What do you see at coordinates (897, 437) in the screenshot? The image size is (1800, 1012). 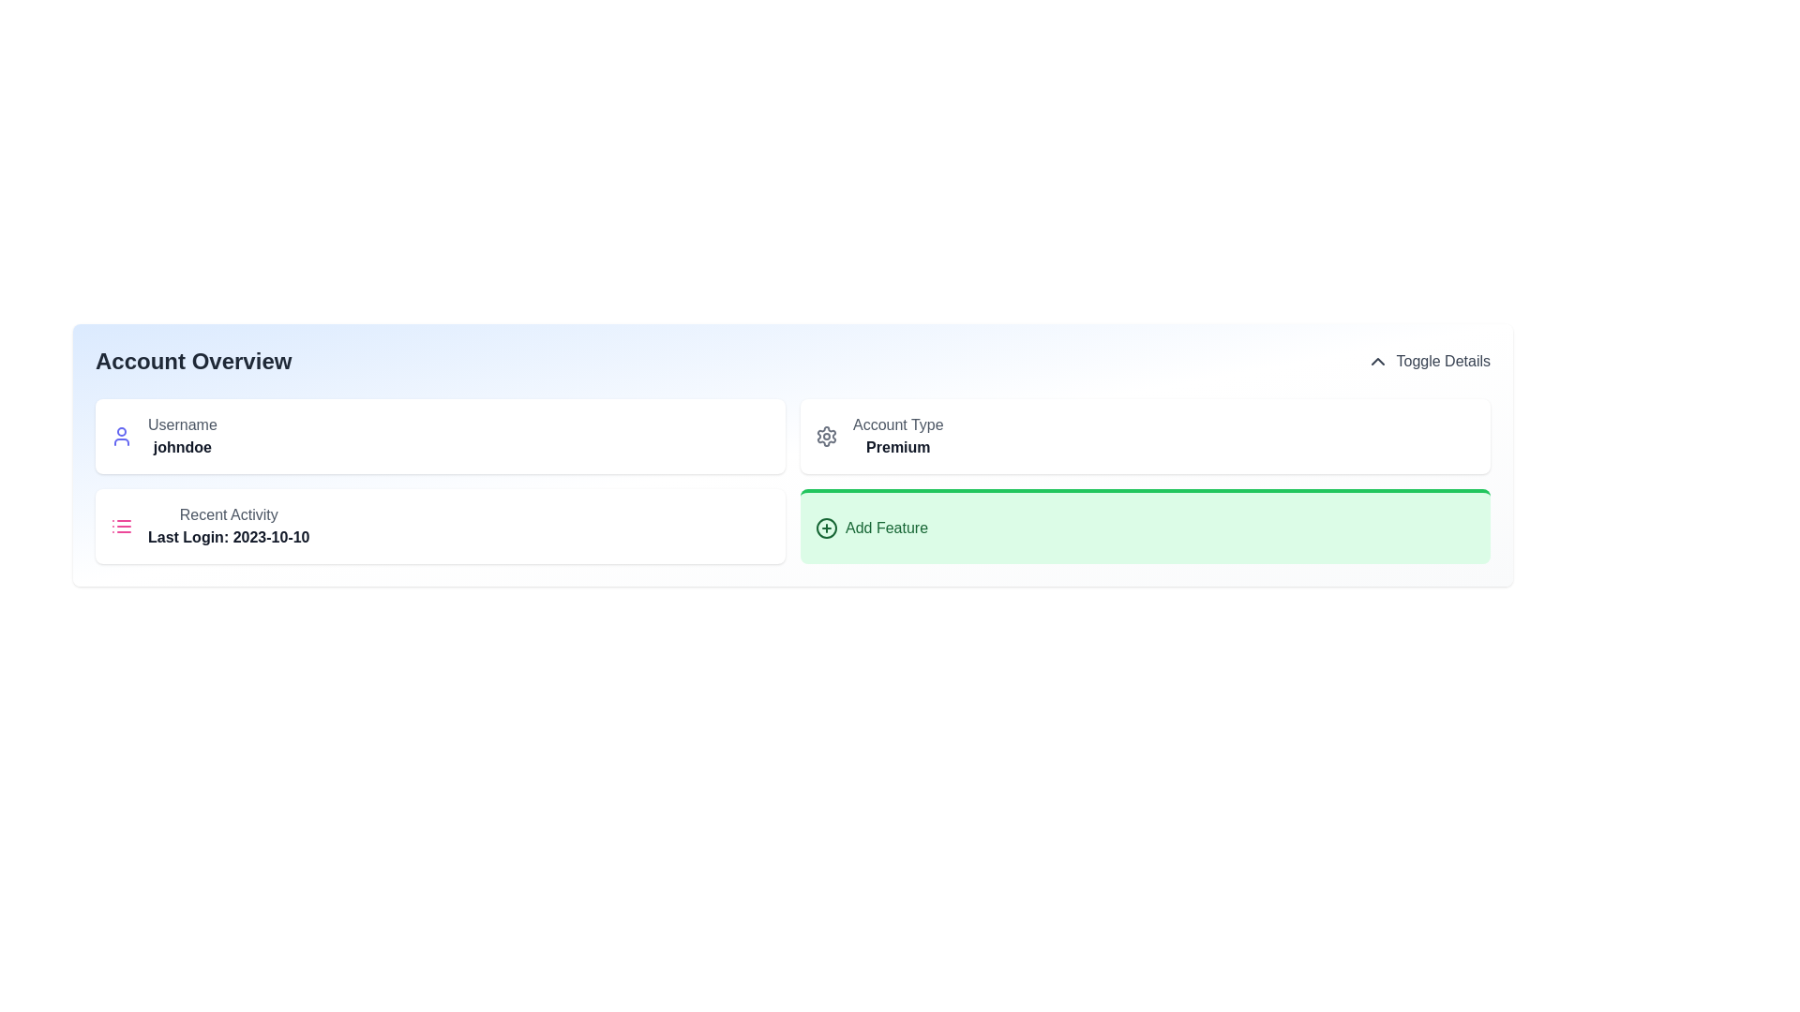 I see `the 'Premium' account type label, which is located in the upper right section of the interface, to the right of the 'Username' and 'Recent Activity' sections` at bounding box center [897, 437].